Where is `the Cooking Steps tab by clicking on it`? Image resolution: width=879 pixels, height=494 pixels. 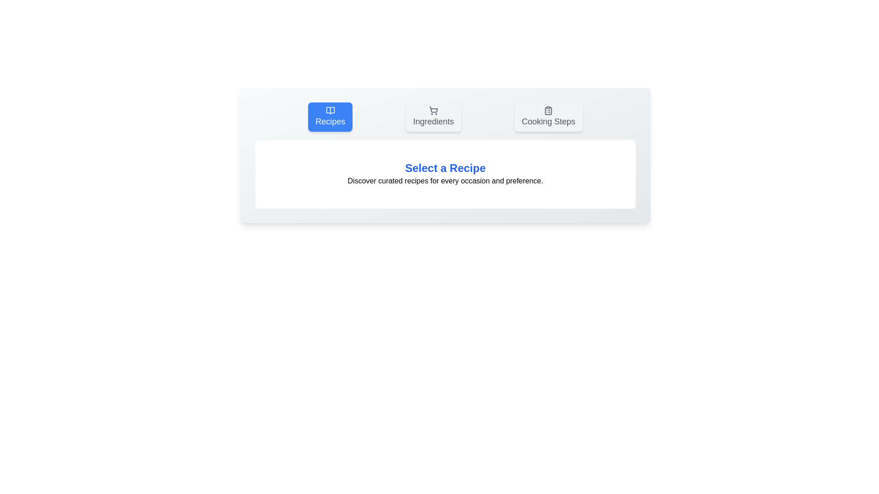
the Cooking Steps tab by clicking on it is located at coordinates (548, 116).